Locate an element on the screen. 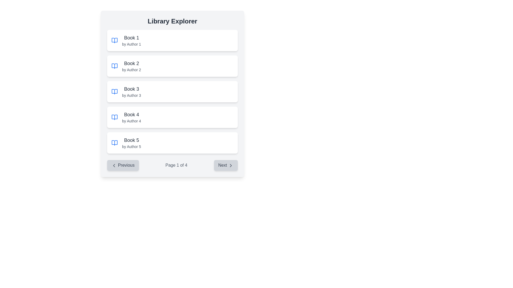  the right-facing chevron icon located inside the 'Next' button at the bottom-right section of the interface is located at coordinates (231, 165).